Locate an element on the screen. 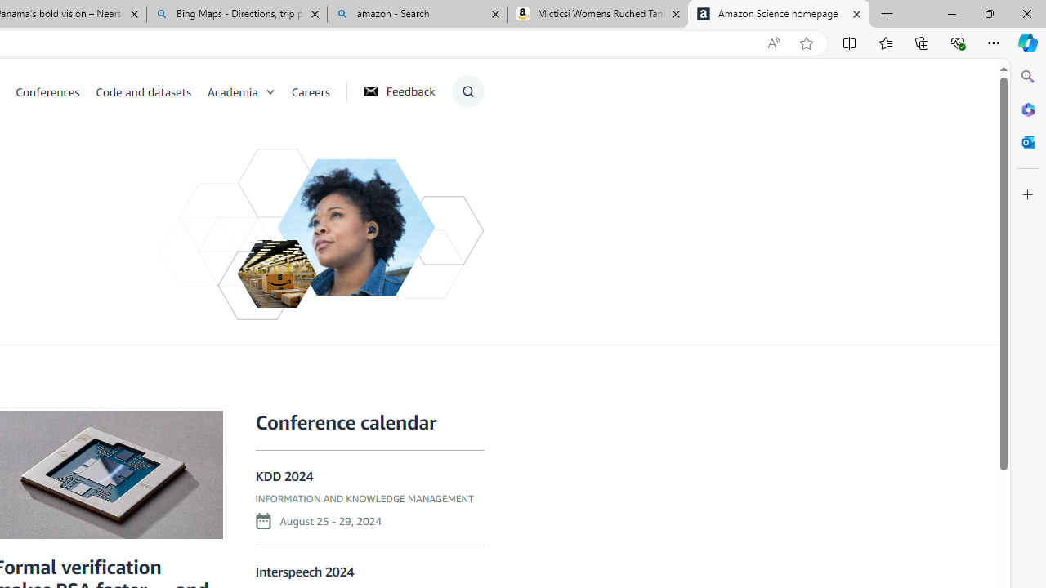 This screenshot has width=1046, height=588. 'Conferences' is located at coordinates (56, 91).